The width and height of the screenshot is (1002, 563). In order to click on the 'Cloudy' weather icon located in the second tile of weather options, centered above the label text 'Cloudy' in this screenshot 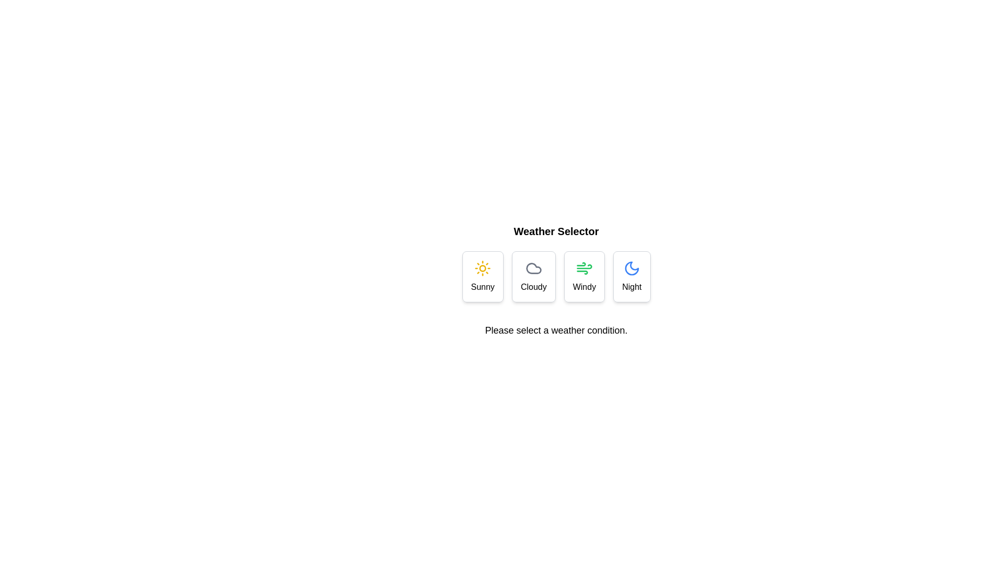, I will do `click(533, 268)`.